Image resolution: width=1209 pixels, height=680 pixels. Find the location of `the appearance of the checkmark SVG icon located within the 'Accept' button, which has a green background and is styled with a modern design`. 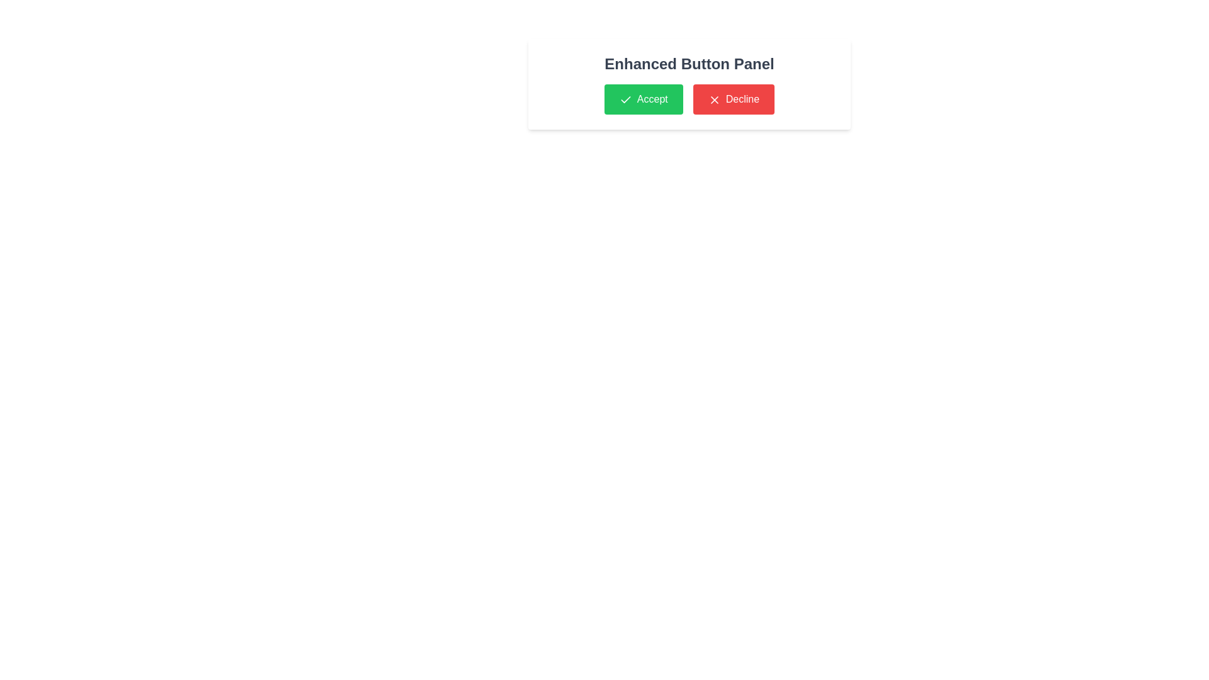

the appearance of the checkmark SVG icon located within the 'Accept' button, which has a green background and is styled with a modern design is located at coordinates (625, 99).